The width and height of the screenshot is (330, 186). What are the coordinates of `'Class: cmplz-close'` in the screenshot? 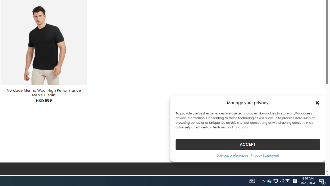 It's located at (317, 103).